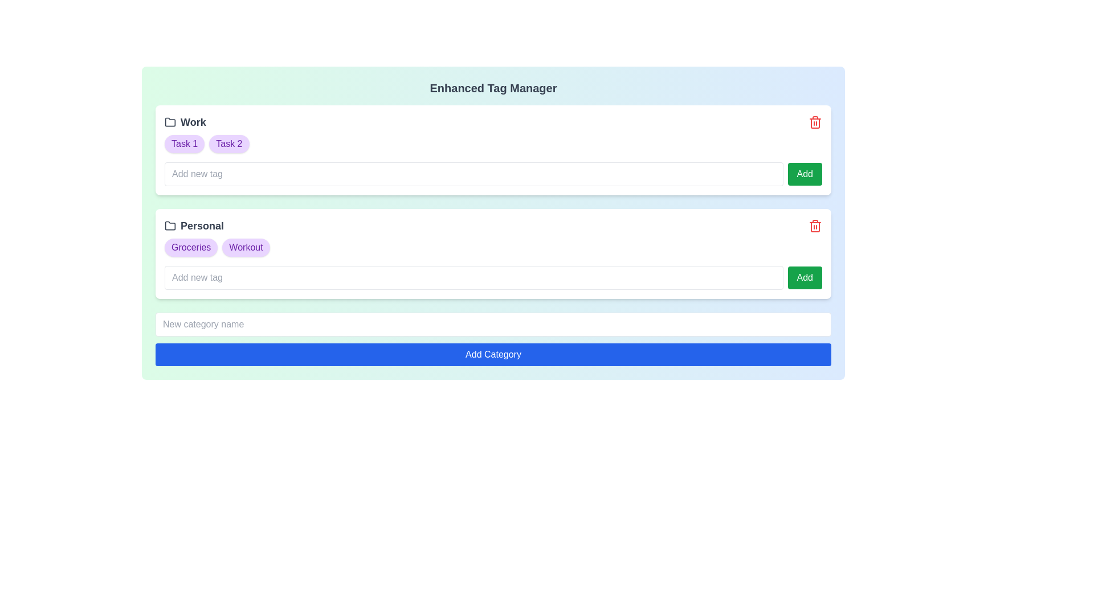 The height and width of the screenshot is (615, 1094). I want to click on the second tag in the 'Personal' section that visually categorizes or describes related tasks or items associated with the 'Workout' keyword, located immediately to the right of the 'Groceries' tag, so click(246, 247).